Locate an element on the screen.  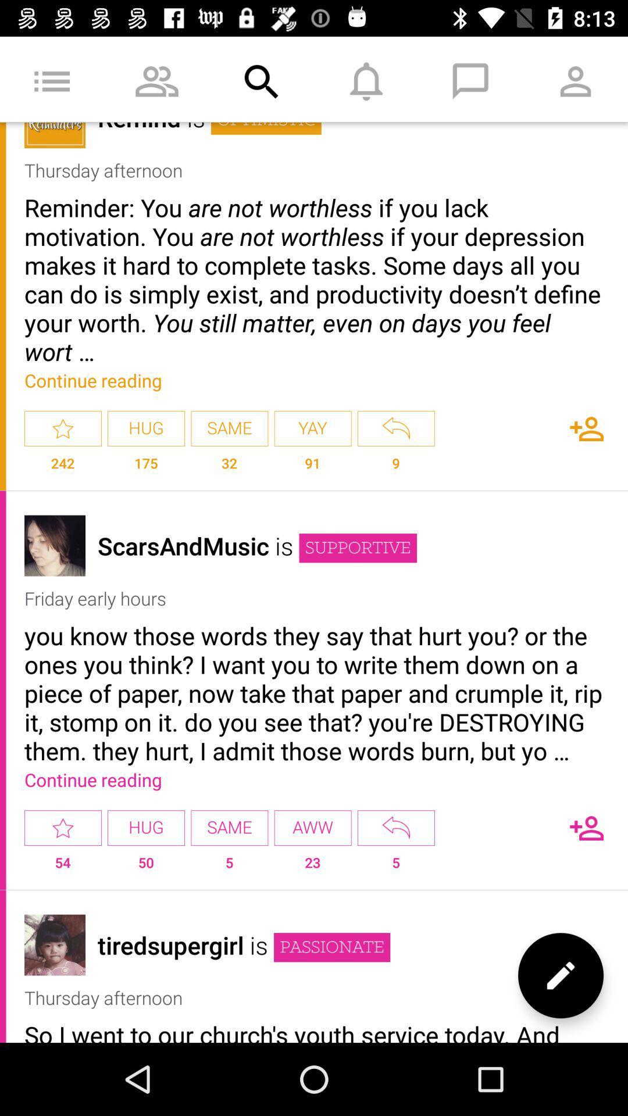
icon below continue reading item is located at coordinates (312, 827).